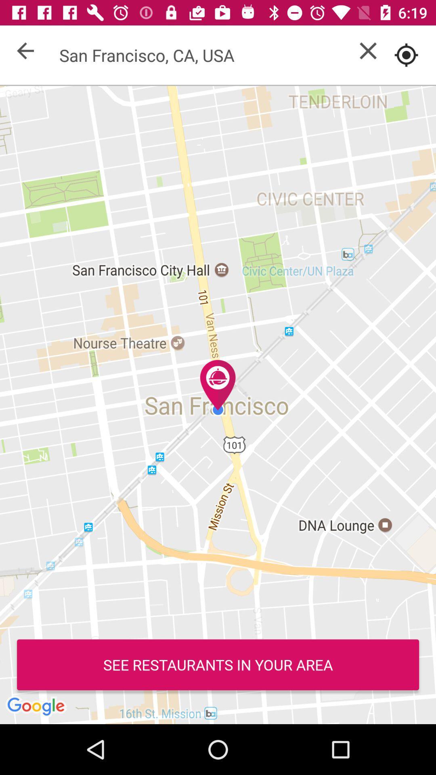 The image size is (436, 775). I want to click on cancel search query, so click(368, 50).